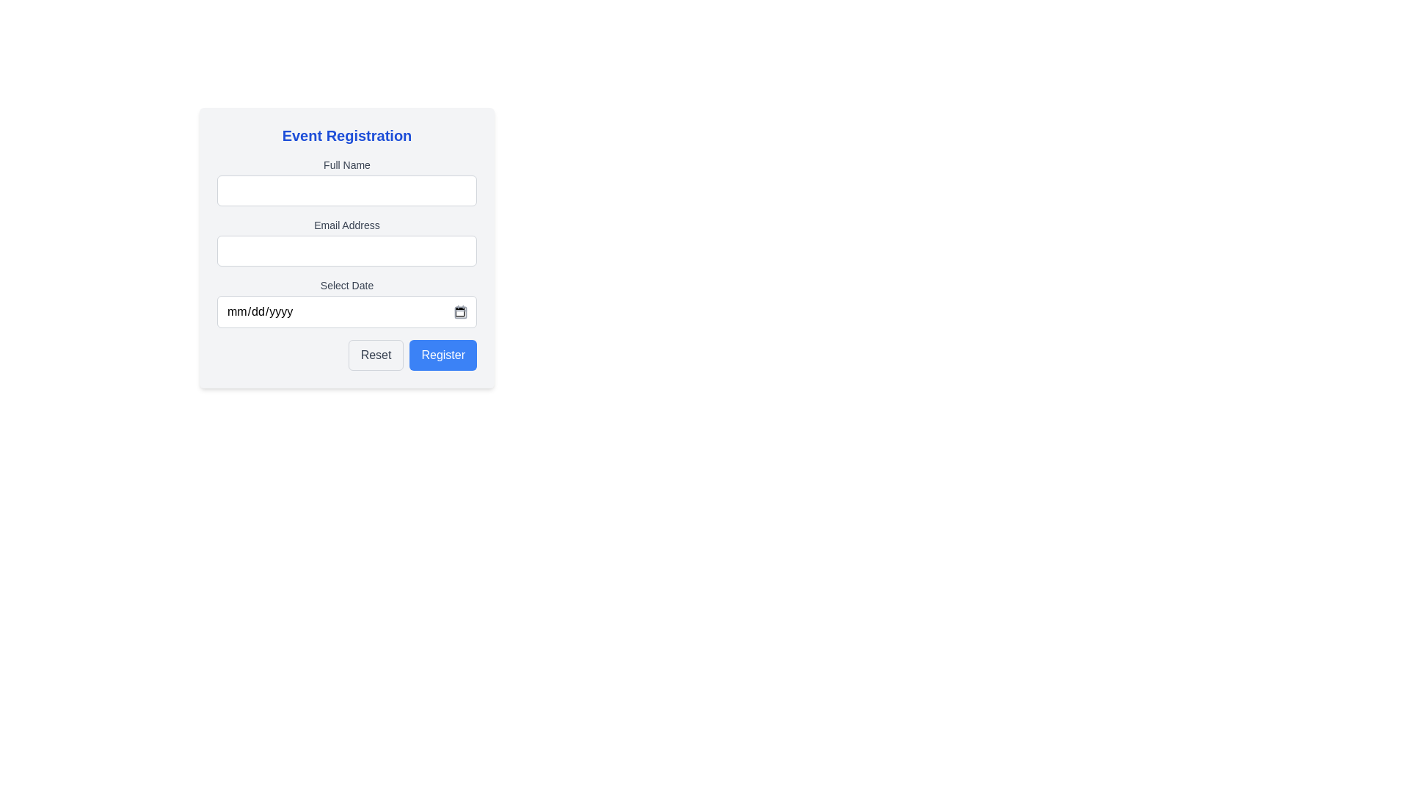  What do you see at coordinates (346, 225) in the screenshot?
I see `the text label that describes the email input field, located directly above the input field for entering the email address in the registration form` at bounding box center [346, 225].